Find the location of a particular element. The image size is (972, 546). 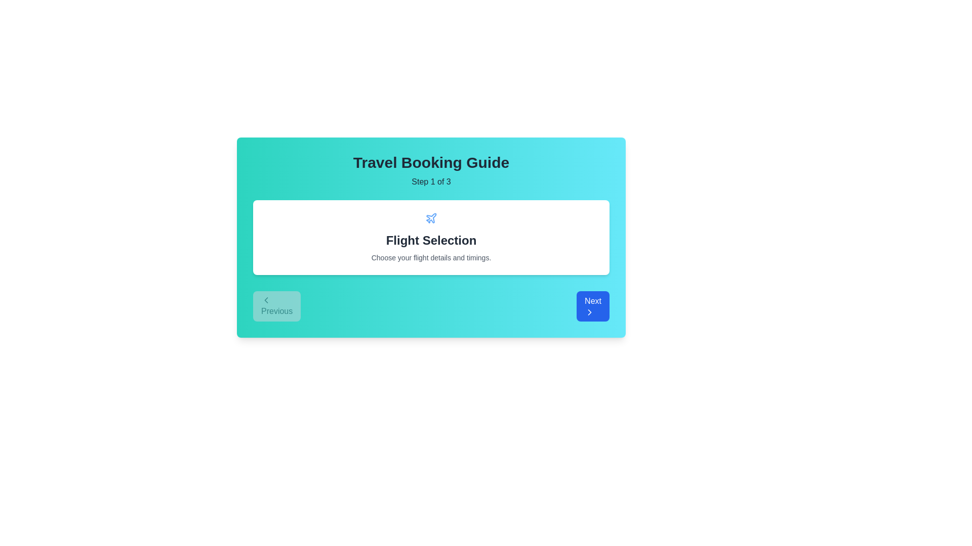

the rightward-pointing chevron icon inside the 'Next' button located at the bottom right corner of the interactive card is located at coordinates (590, 311).